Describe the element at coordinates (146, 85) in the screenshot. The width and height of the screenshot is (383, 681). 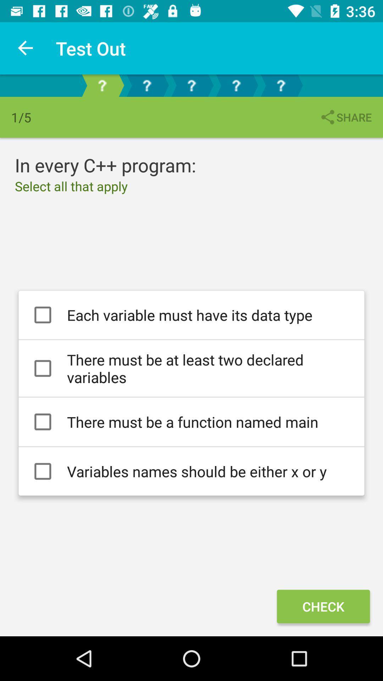
I see `move to the next question` at that location.